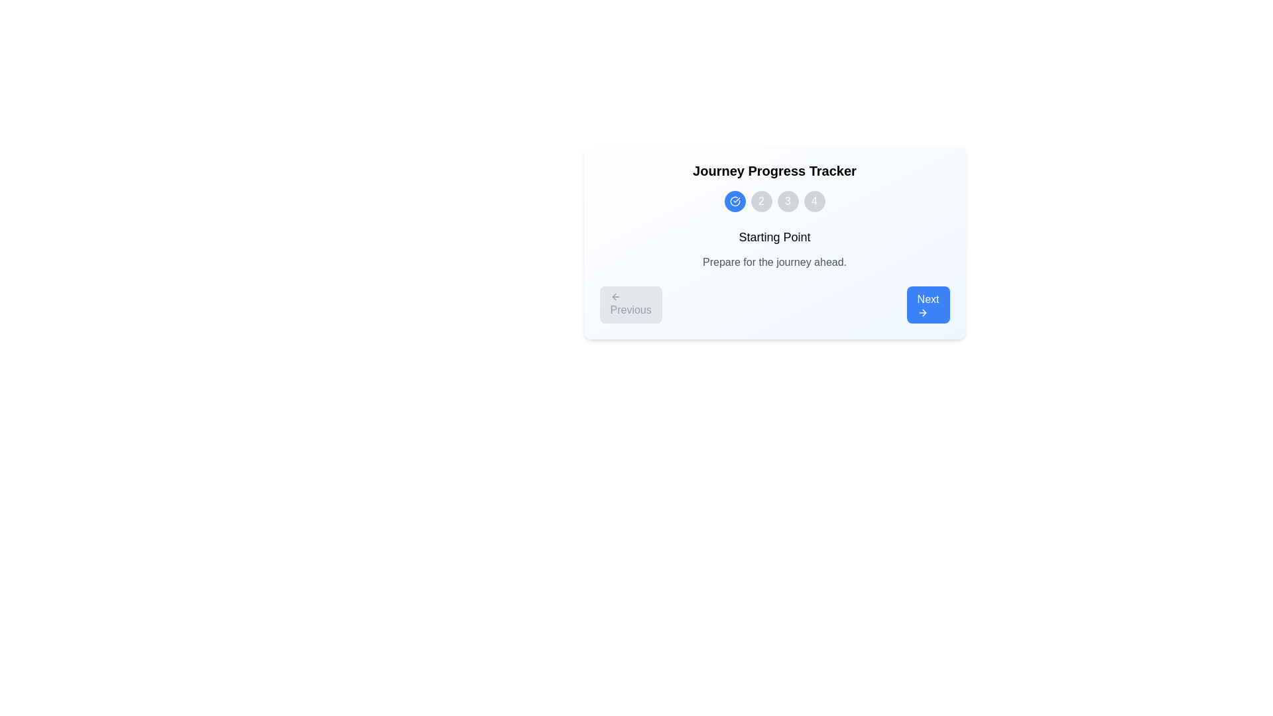 The width and height of the screenshot is (1273, 716). What do you see at coordinates (788, 202) in the screenshot?
I see `the third circular button in the progress tracker, which represents the third step and is located between the buttons labeled '2' and '4'` at bounding box center [788, 202].